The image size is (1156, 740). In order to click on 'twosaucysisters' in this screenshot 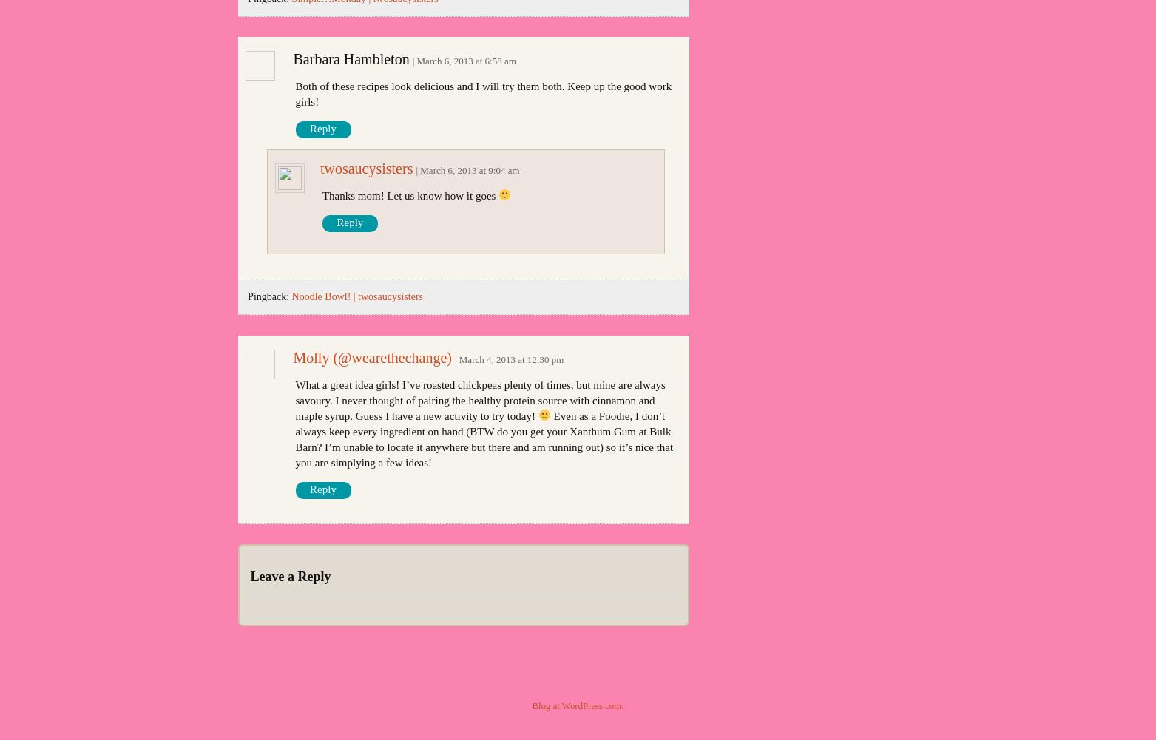, I will do `click(320, 167)`.